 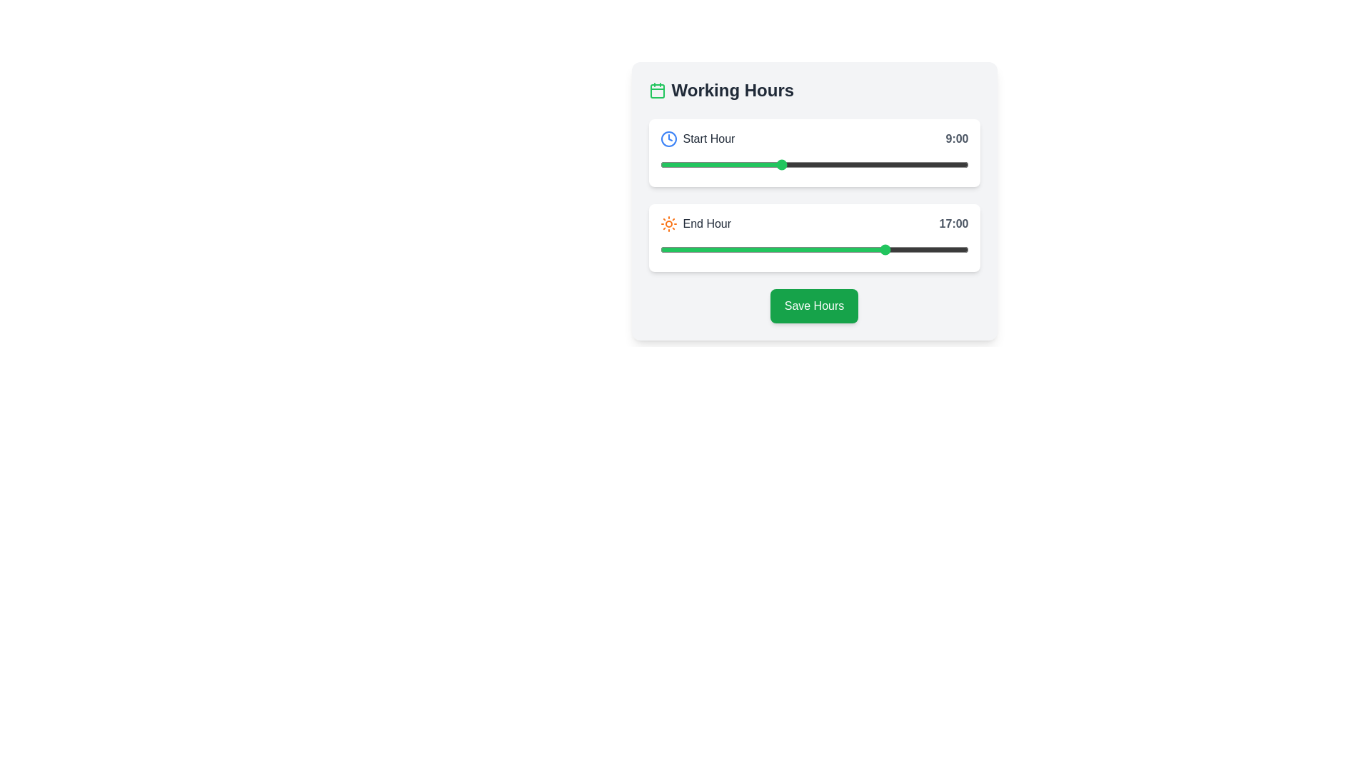 What do you see at coordinates (860, 164) in the screenshot?
I see `the start hour` at bounding box center [860, 164].